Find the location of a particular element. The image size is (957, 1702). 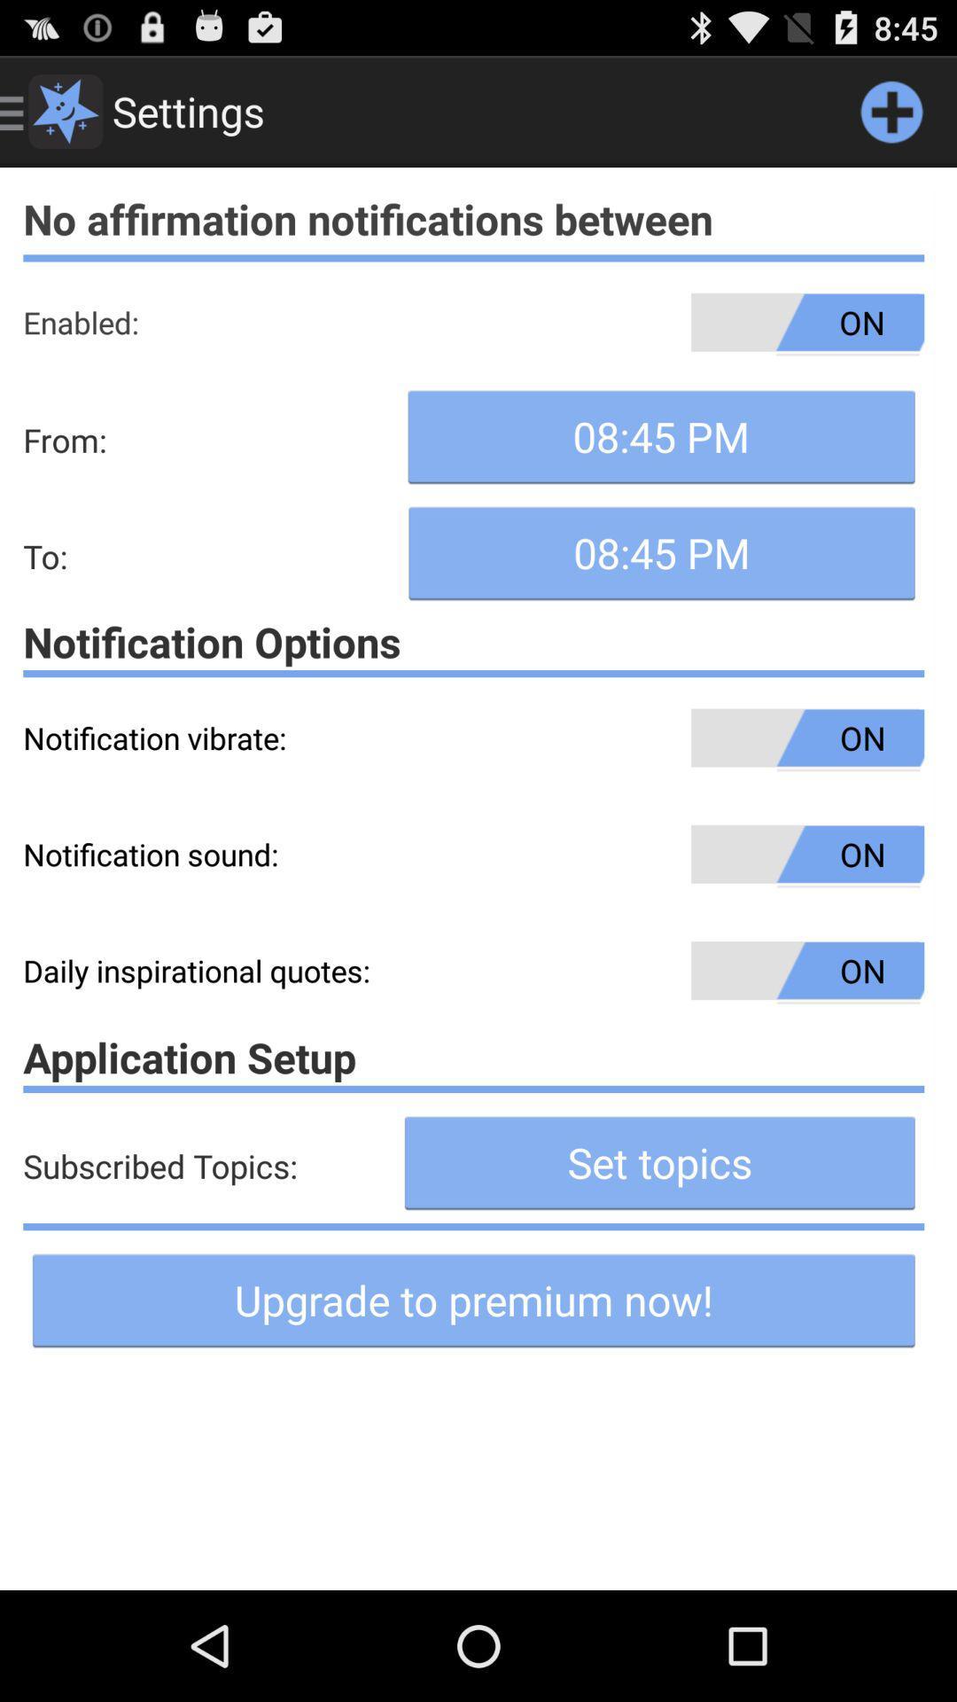

the text above the text subscribed topics is located at coordinates (472, 1058).